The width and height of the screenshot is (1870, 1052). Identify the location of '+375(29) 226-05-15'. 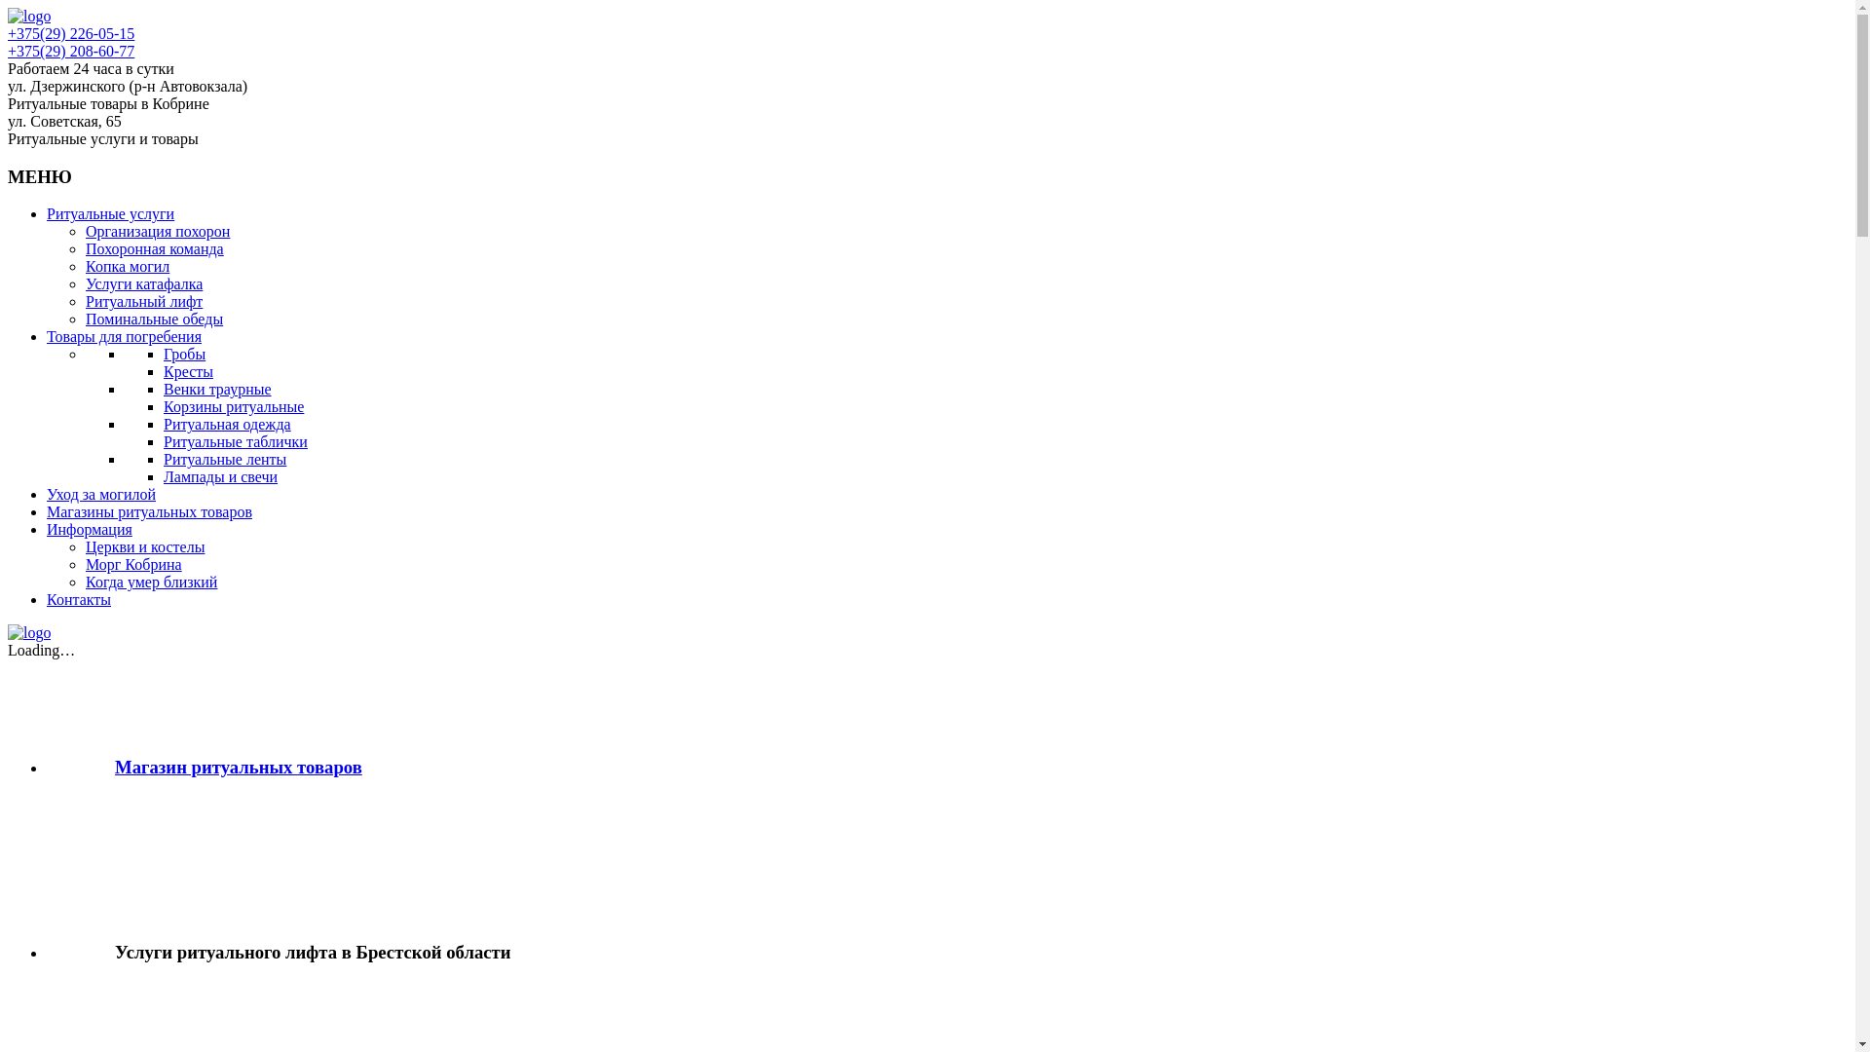
(8, 33).